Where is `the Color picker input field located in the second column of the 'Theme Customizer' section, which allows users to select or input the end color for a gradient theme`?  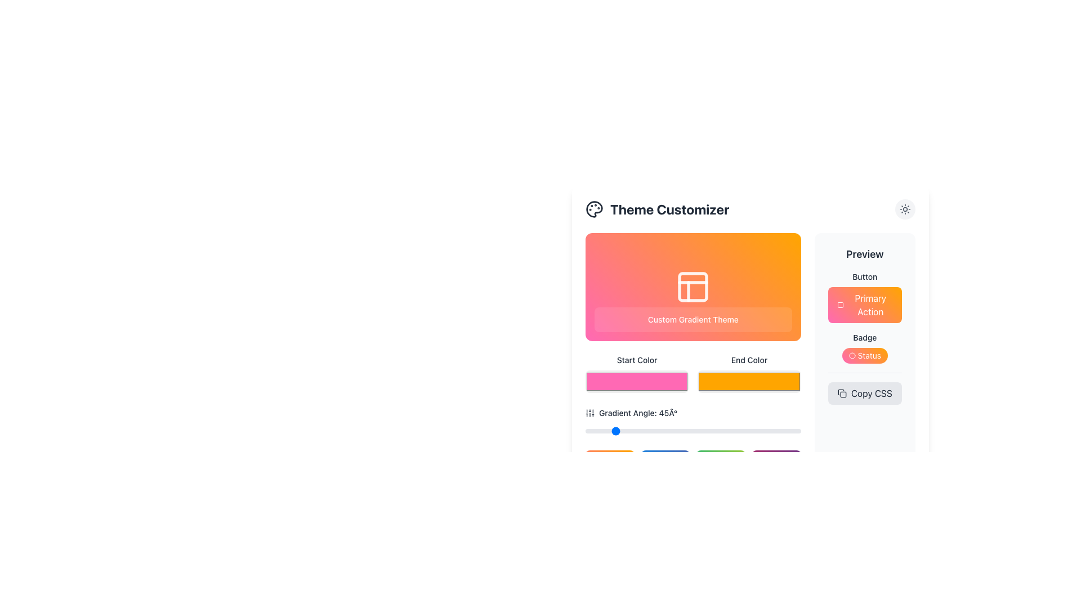
the Color picker input field located in the second column of the 'Theme Customizer' section, which allows users to select or input the end color for a gradient theme is located at coordinates (749, 374).